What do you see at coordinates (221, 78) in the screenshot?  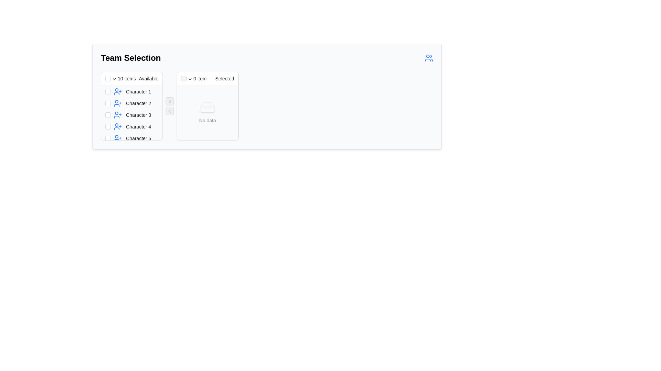 I see `the informational Text label indicating 'Selected' in the header of the right section of the 'Team Selection' interface` at bounding box center [221, 78].